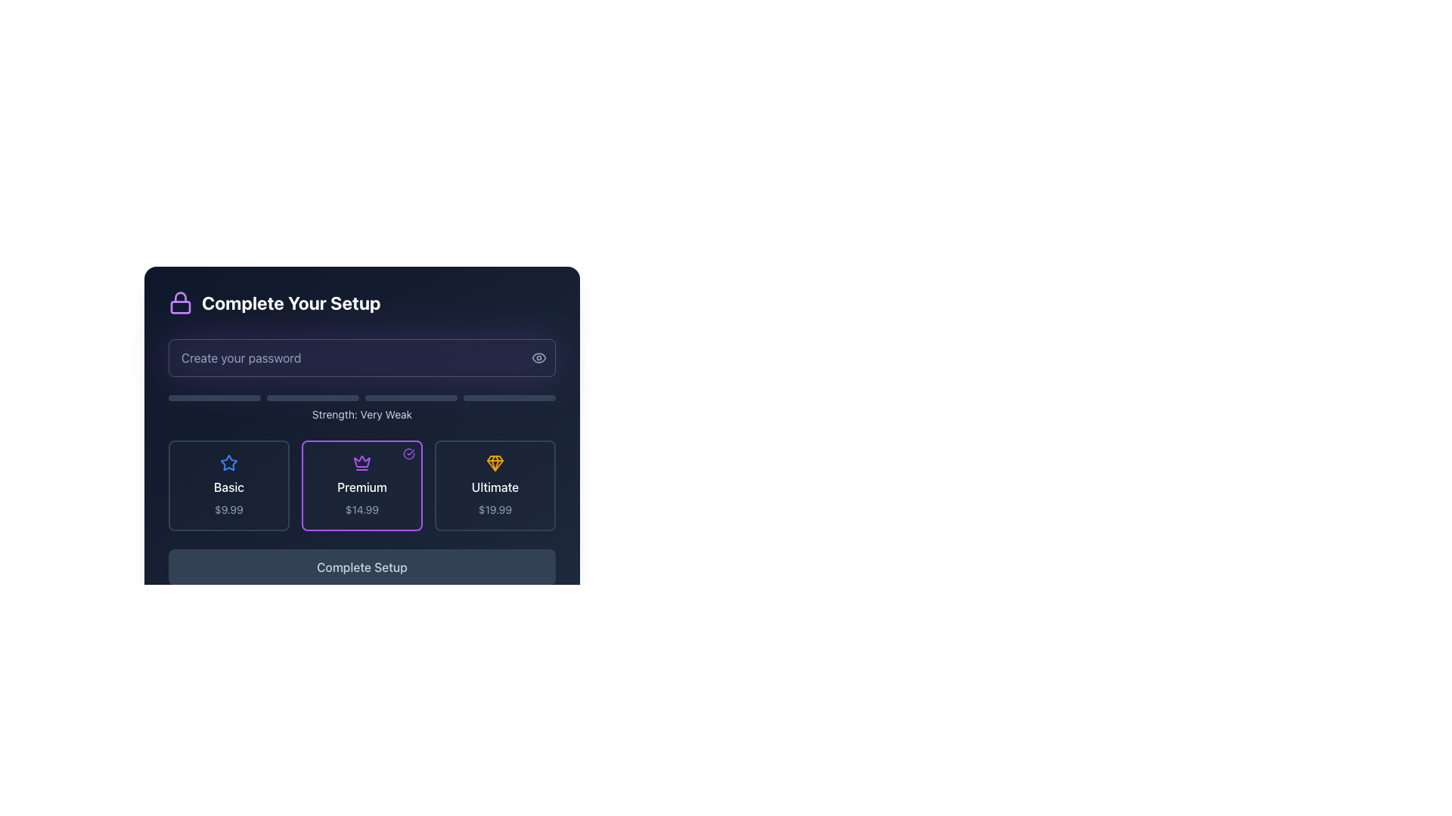 This screenshot has width=1452, height=816. What do you see at coordinates (213, 397) in the screenshot?
I see `the first segment of the progress bar located below the password input field, which serves as a visual indicator for password strength` at bounding box center [213, 397].